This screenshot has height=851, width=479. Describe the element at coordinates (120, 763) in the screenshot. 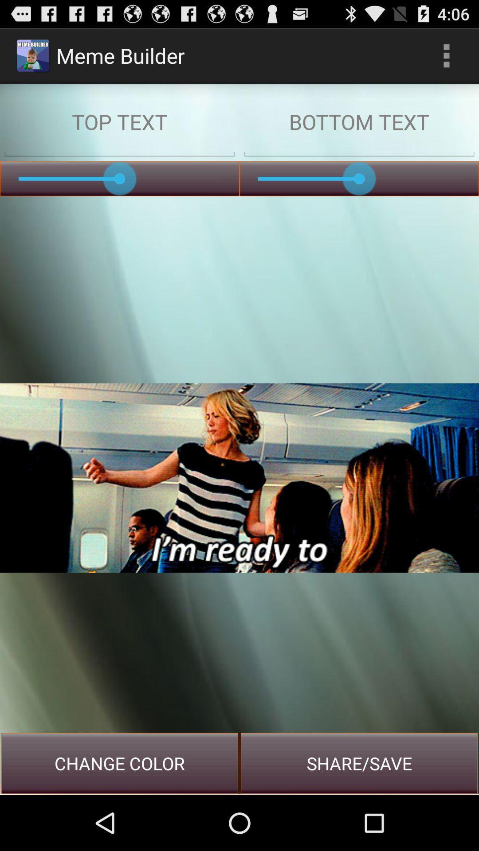

I see `the icon to the left of share/save item` at that location.